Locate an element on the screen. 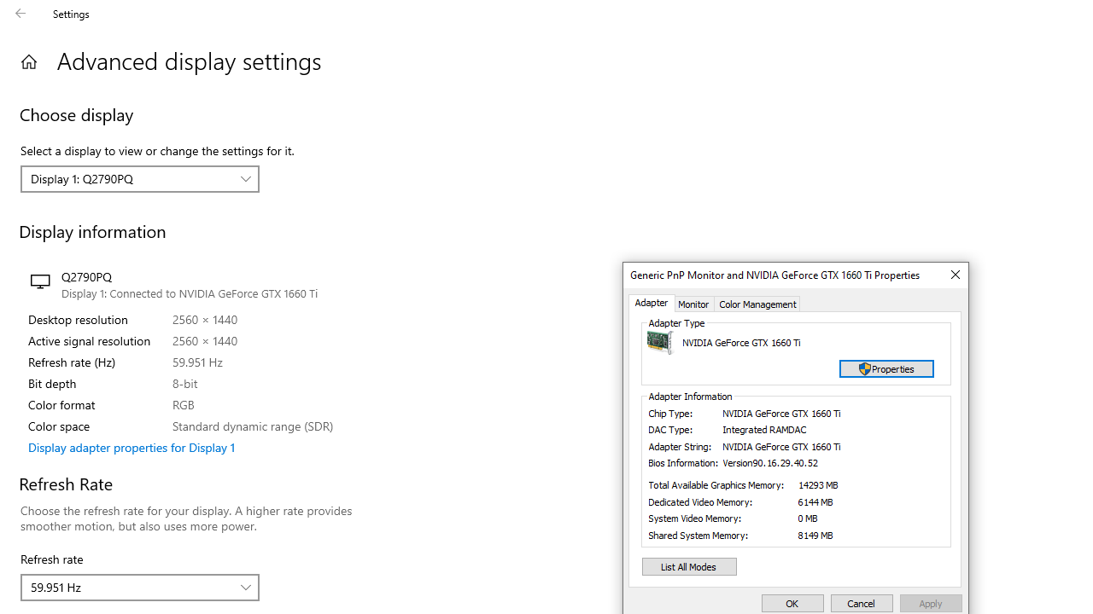 The height and width of the screenshot is (614, 1093). 'OK' is located at coordinates (792, 602).